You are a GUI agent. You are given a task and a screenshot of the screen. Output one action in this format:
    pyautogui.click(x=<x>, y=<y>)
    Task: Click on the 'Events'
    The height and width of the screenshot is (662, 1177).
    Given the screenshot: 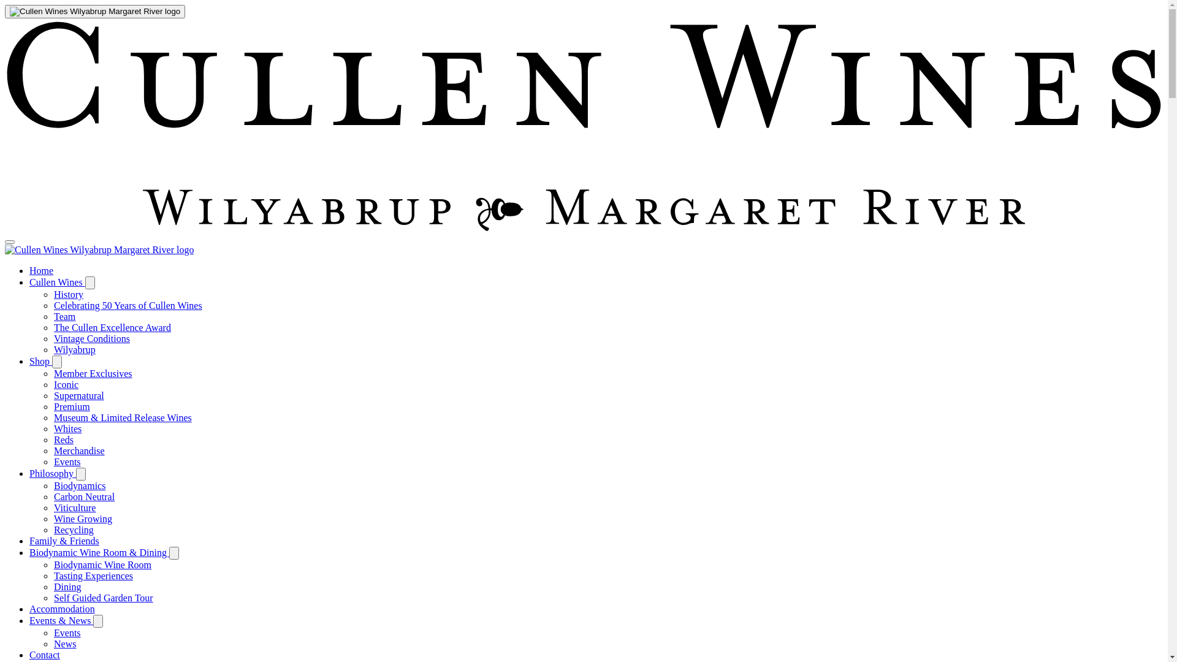 What is the action you would take?
    pyautogui.click(x=67, y=633)
    